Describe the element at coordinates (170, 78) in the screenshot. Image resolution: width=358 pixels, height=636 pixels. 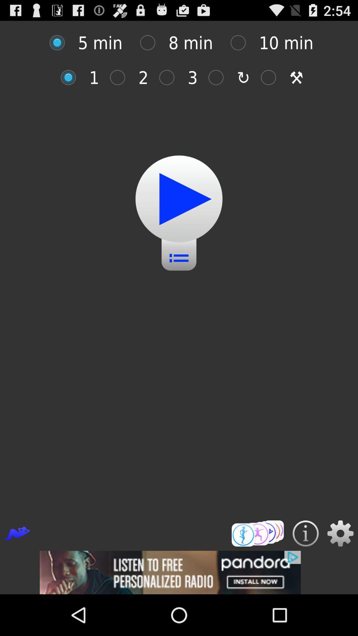
I see `3` at that location.